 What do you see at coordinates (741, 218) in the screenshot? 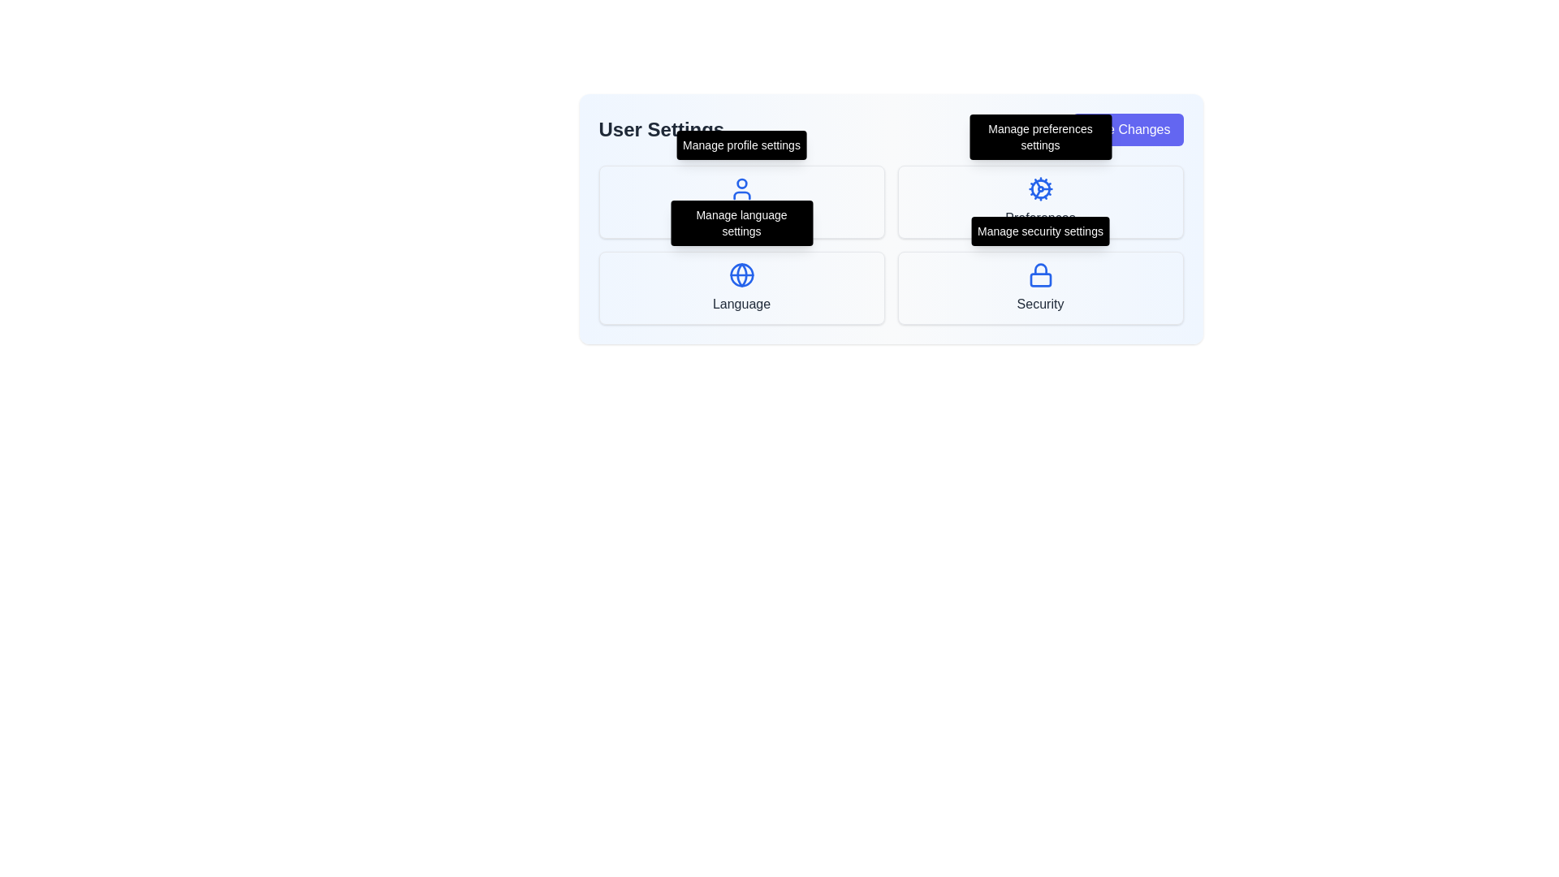
I see `the text label 'Profile', which is styled with a medium-weight font and gray color, located below a user silhouette icon in the user settings section` at bounding box center [741, 218].